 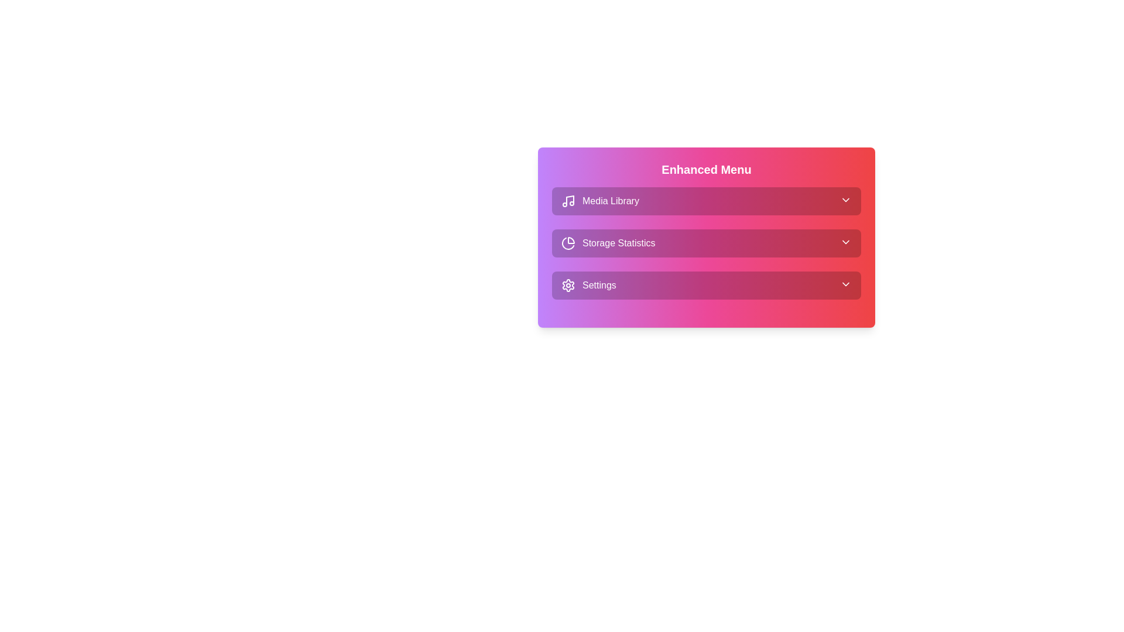 What do you see at coordinates (845, 241) in the screenshot?
I see `the downward-pointing chevron icon located on the far right side of the 'Storage Statistics' section` at bounding box center [845, 241].